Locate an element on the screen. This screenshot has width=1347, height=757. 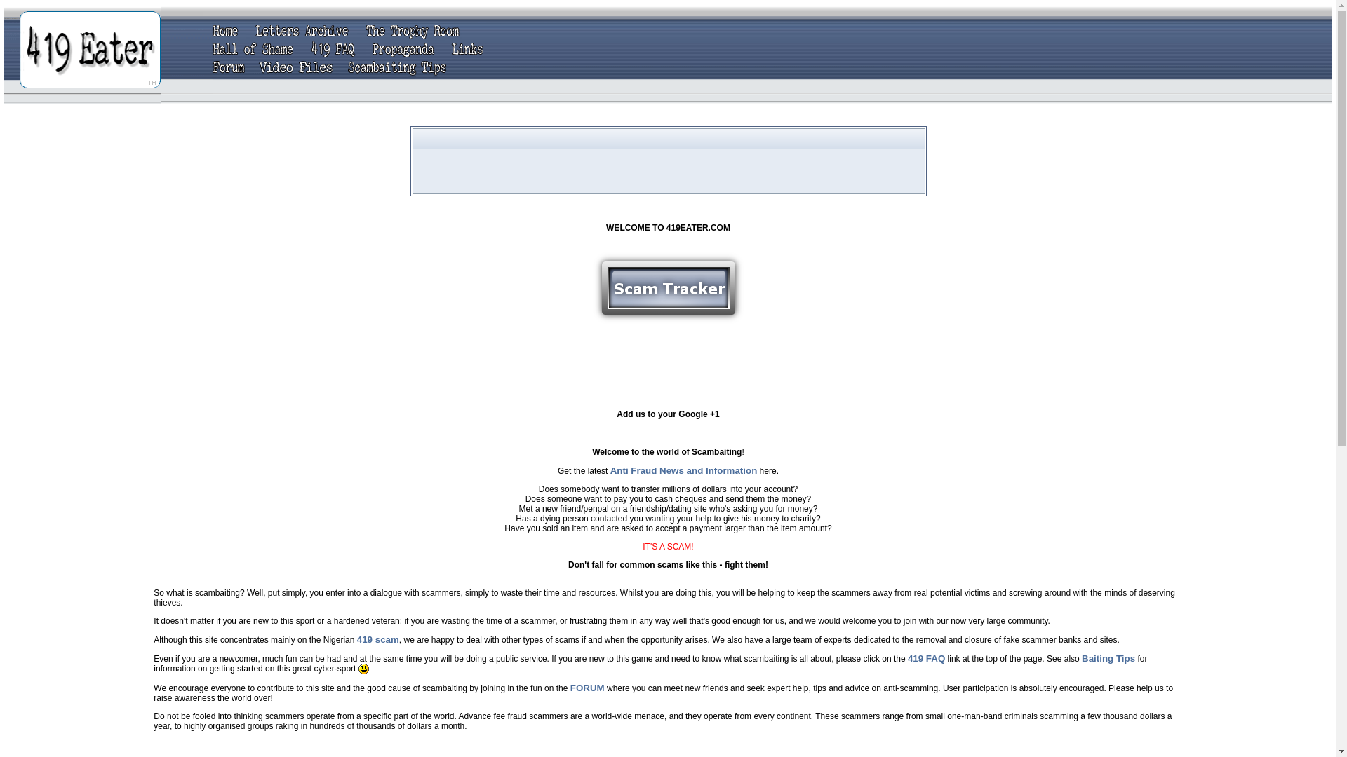
'Baiting Tips' is located at coordinates (1107, 658).